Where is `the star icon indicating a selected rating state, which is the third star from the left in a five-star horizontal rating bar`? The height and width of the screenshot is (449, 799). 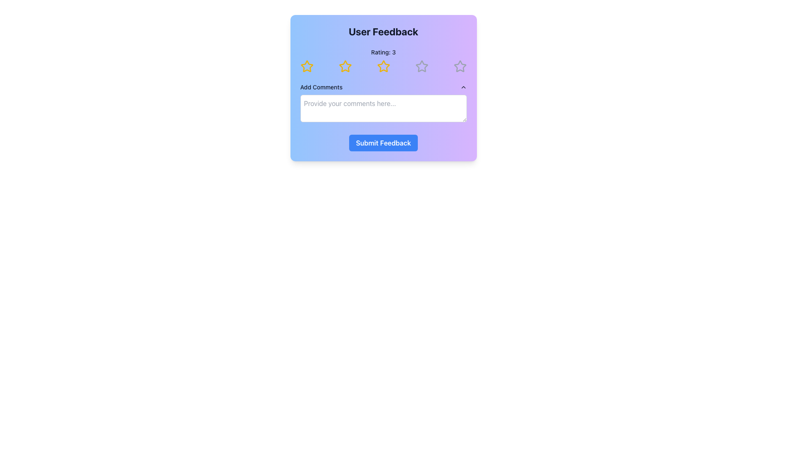
the star icon indicating a selected rating state, which is the third star from the left in a five-star horizontal rating bar is located at coordinates (345, 66).